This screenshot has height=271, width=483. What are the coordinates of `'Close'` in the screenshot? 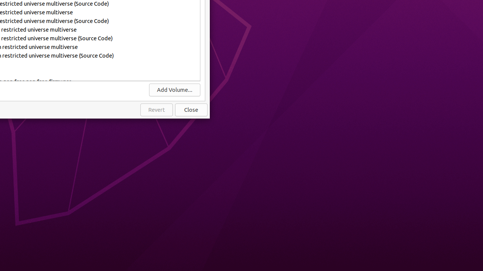 It's located at (191, 110).